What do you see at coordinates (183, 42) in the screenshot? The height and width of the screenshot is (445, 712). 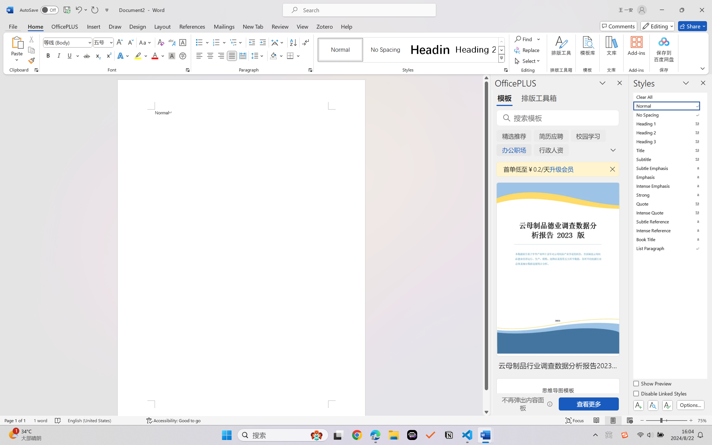 I see `'Character Border'` at bounding box center [183, 42].